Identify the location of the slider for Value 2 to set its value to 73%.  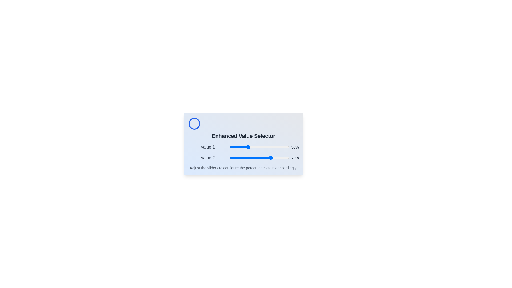
(273, 157).